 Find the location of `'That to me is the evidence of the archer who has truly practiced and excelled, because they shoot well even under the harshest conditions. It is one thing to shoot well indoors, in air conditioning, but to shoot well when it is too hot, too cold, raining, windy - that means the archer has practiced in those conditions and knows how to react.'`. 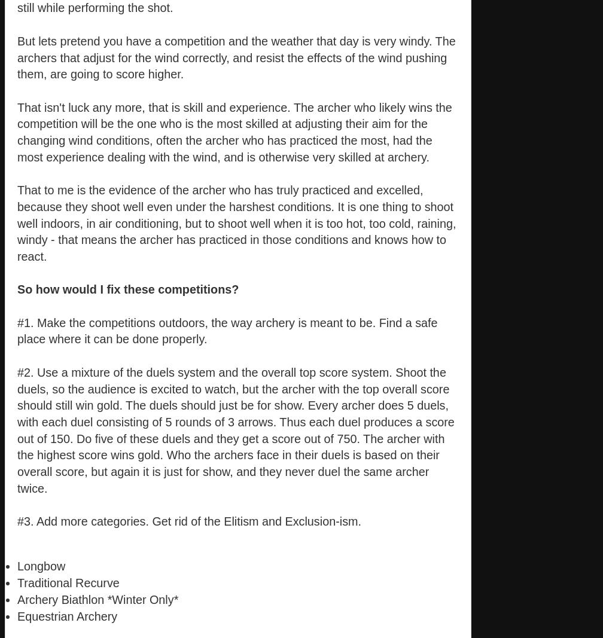

'That to me is the evidence of the archer who has truly practiced and excelled, because they shoot well even under the harshest conditions. It is one thing to shoot well indoors, in air conditioning, but to shoot well when it is too hot, too cold, raining, windy - that means the archer has practiced in those conditions and knows how to react.' is located at coordinates (17, 222).